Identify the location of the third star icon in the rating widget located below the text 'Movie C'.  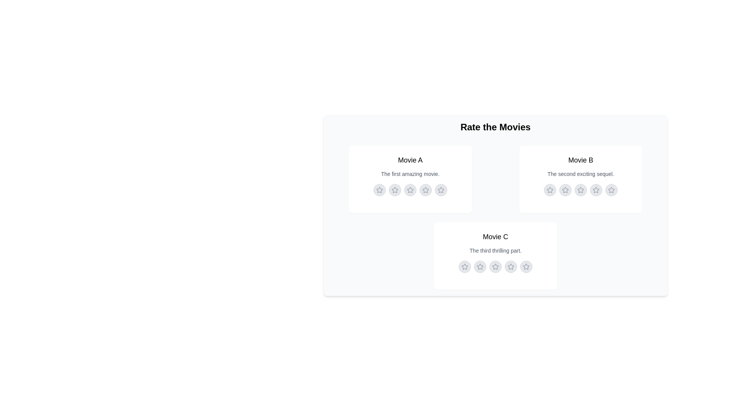
(496, 266).